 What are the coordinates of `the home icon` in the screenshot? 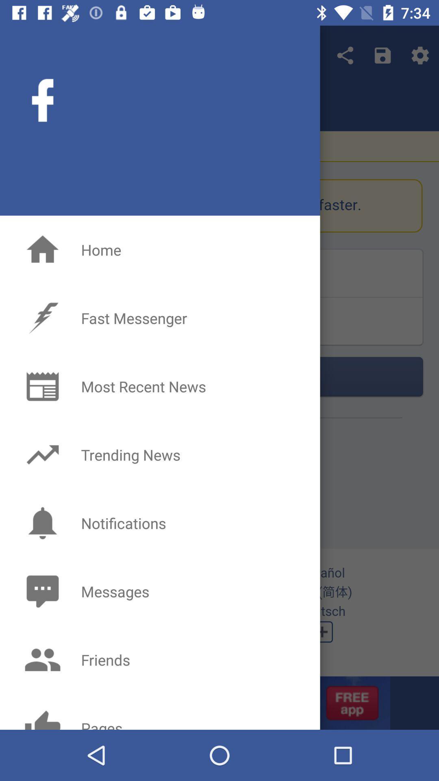 It's located at (42, 249).